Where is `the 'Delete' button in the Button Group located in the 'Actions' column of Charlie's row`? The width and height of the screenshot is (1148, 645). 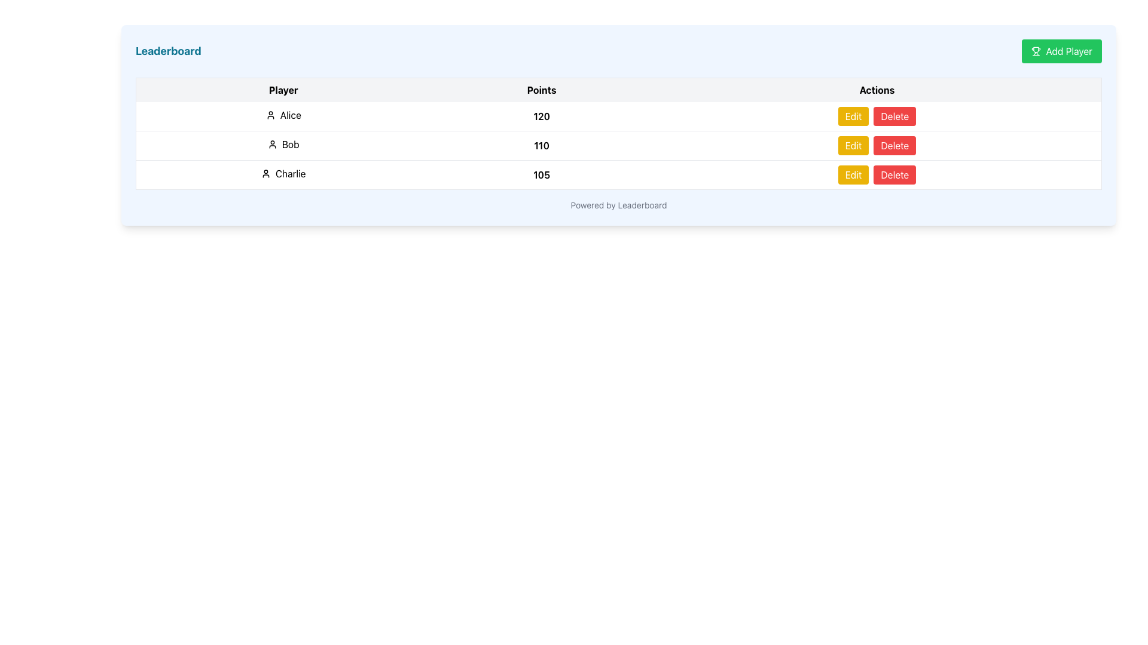 the 'Delete' button in the Button Group located in the 'Actions' column of Charlie's row is located at coordinates (877, 175).